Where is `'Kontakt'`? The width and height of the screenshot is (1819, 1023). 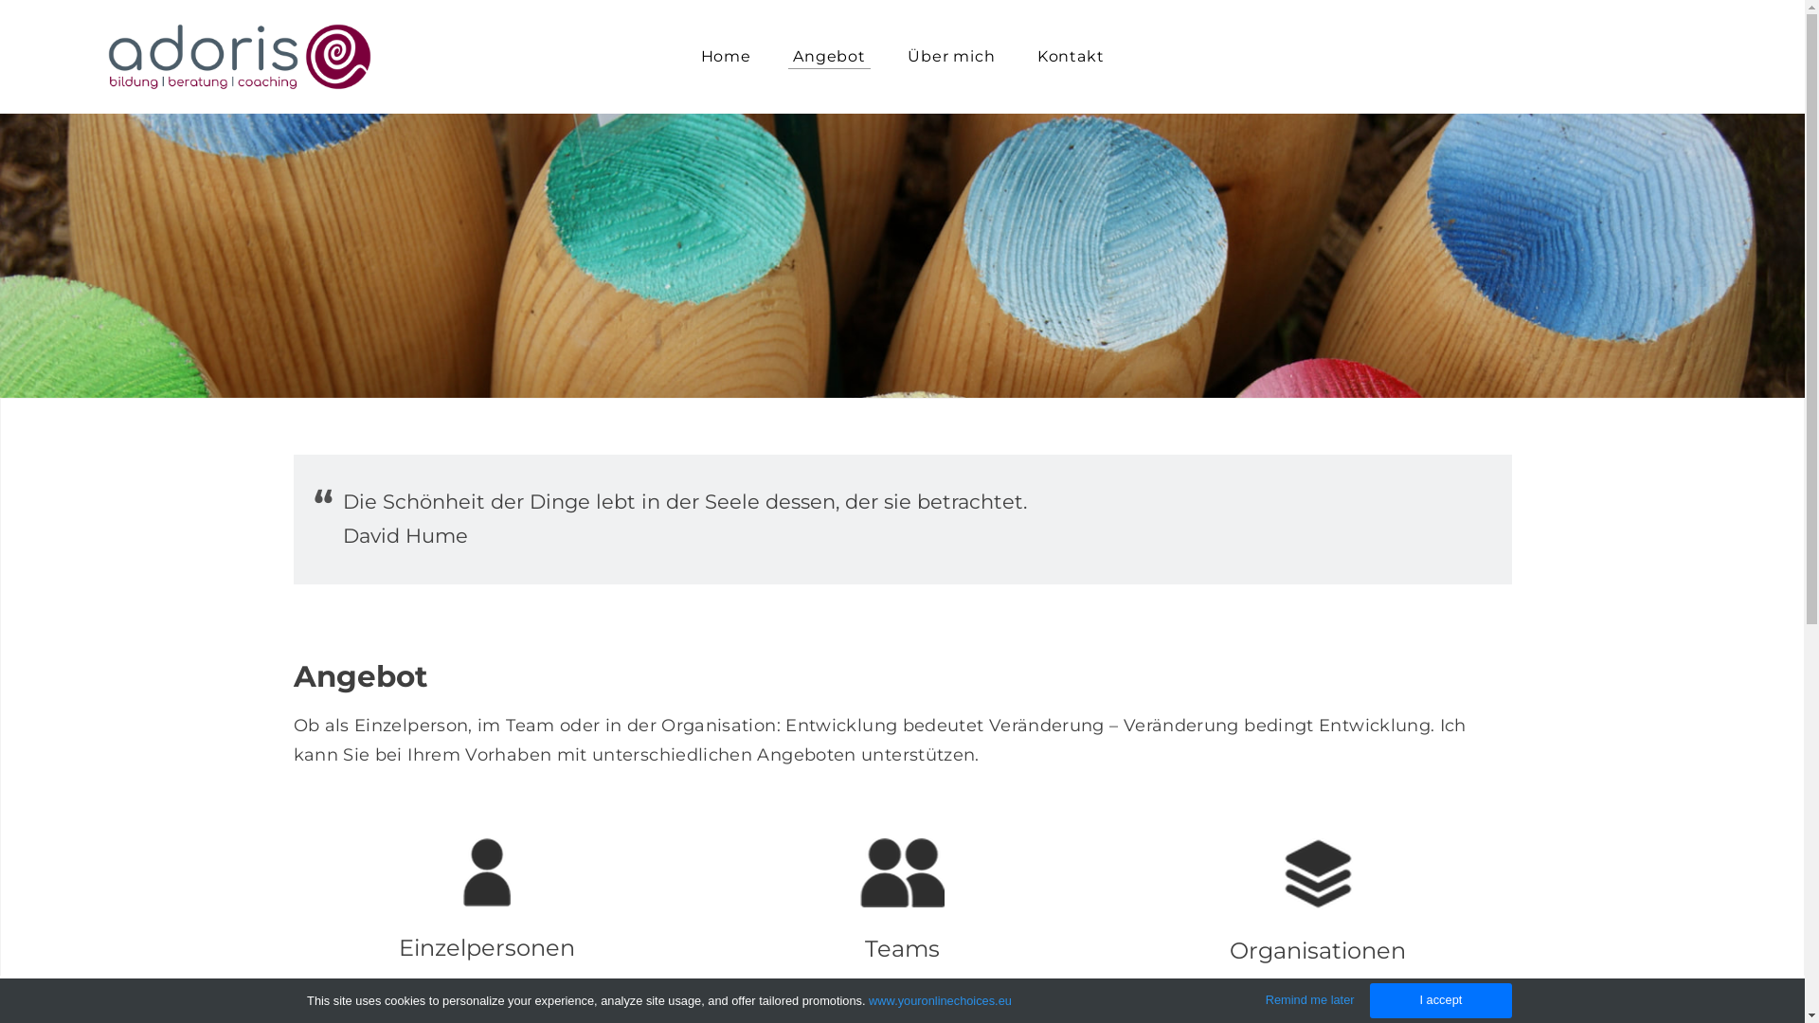
'Kontakt' is located at coordinates (1018, 56).